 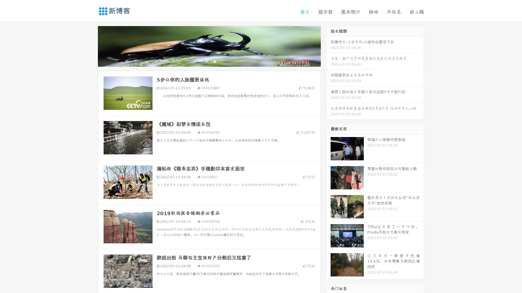 What do you see at coordinates (328, 46) in the screenshot?
I see `Next slide` at bounding box center [328, 46].